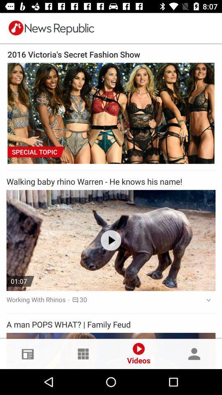  I want to click on the profile option in the bottom right, so click(194, 353).